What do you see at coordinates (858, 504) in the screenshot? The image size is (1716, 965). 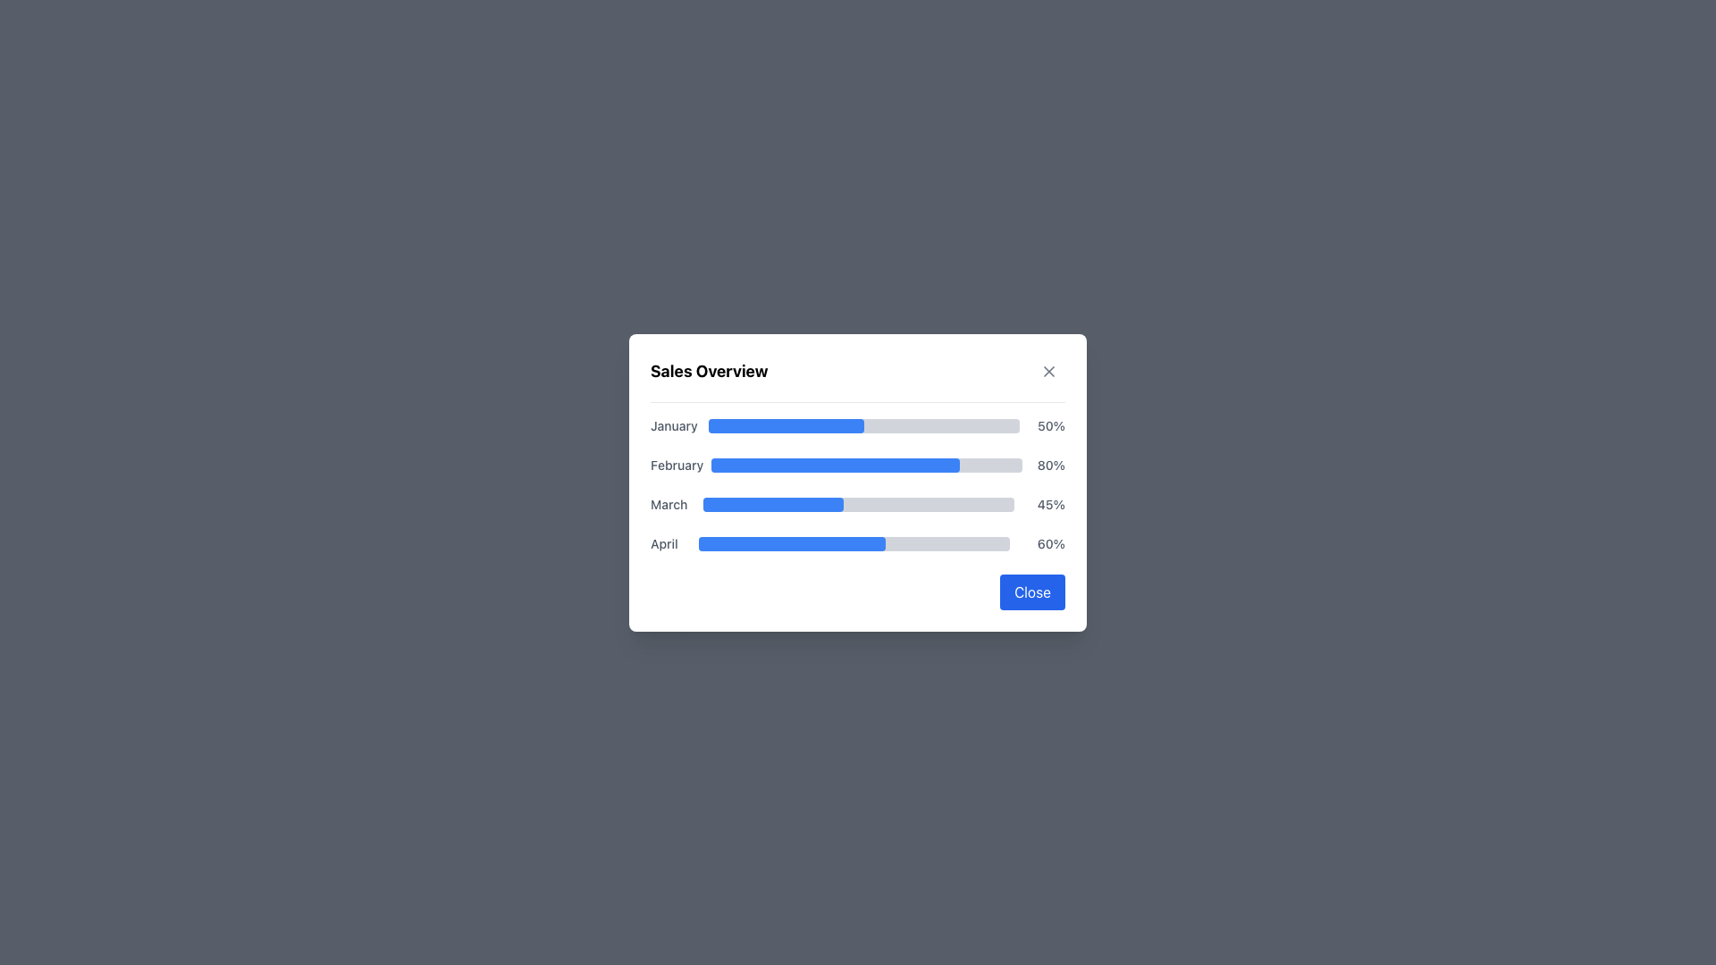 I see `the progress bar for 'March' in the 'Sales Overview' modal, which shows a partially filled blue bar with the label 'March' and a percentage indicator '45%'` at bounding box center [858, 504].